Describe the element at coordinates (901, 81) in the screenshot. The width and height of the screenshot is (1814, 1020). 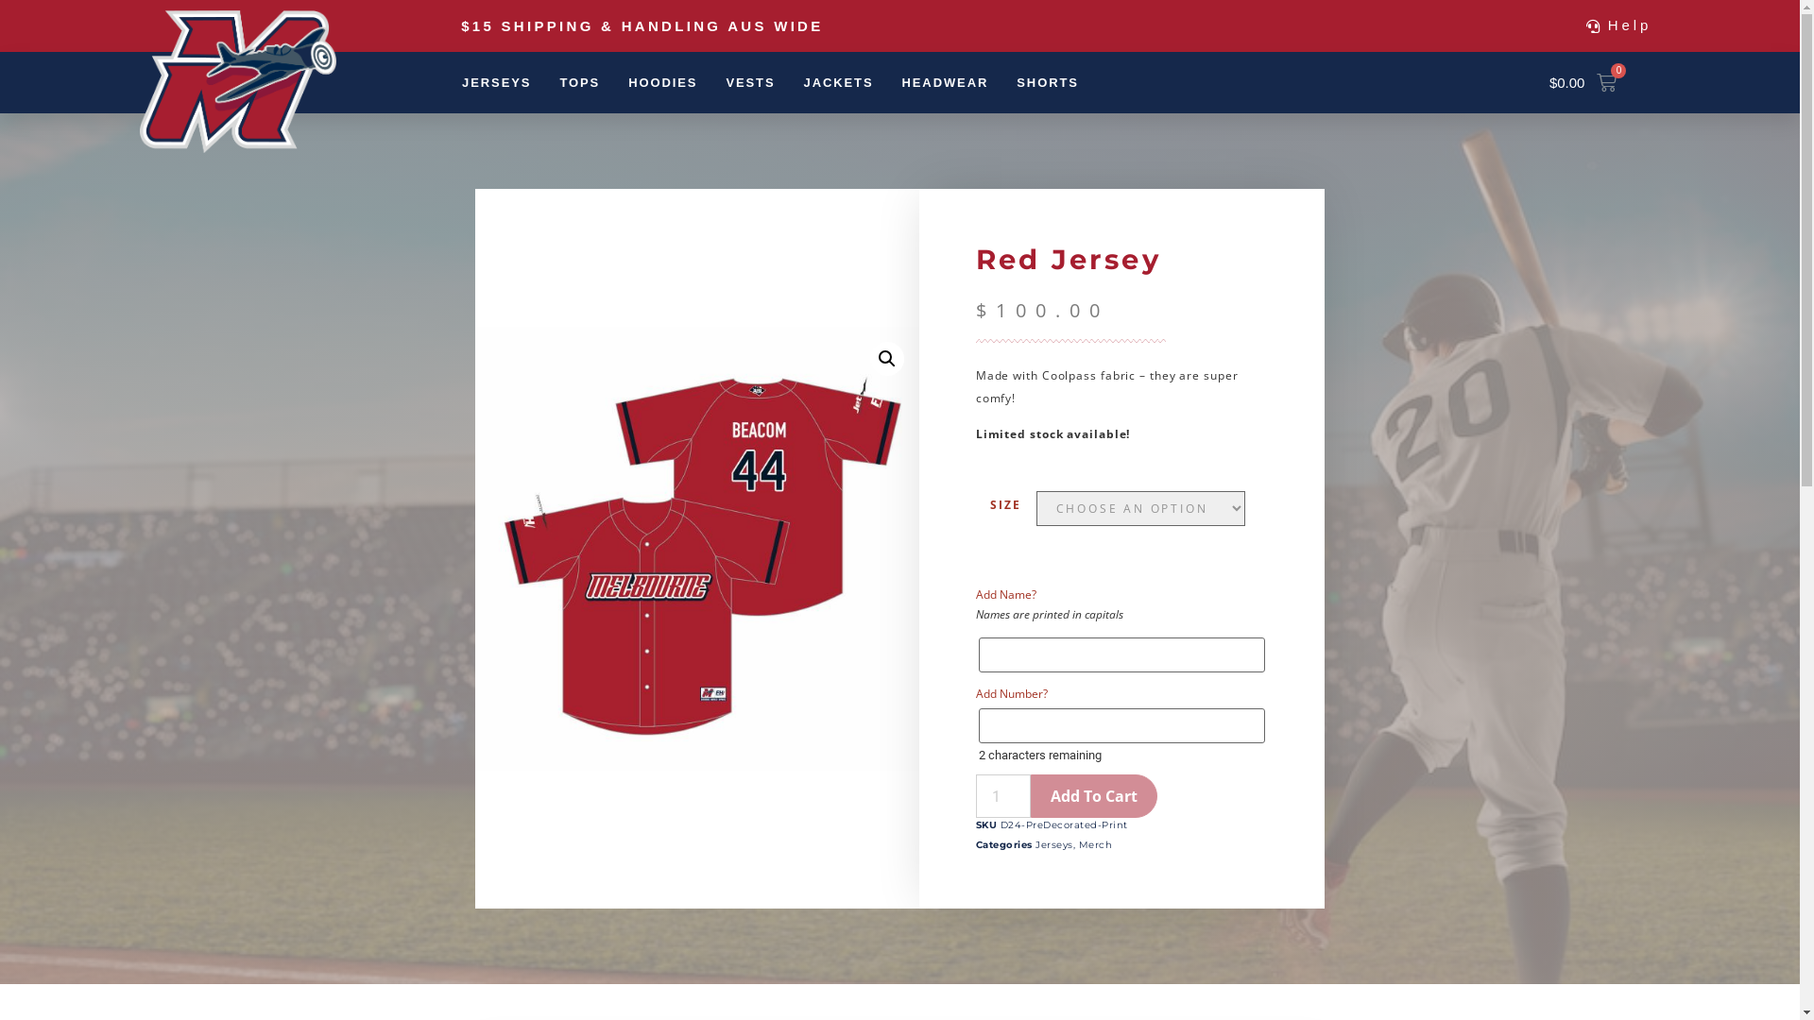
I see `'HEADWEAR'` at that location.